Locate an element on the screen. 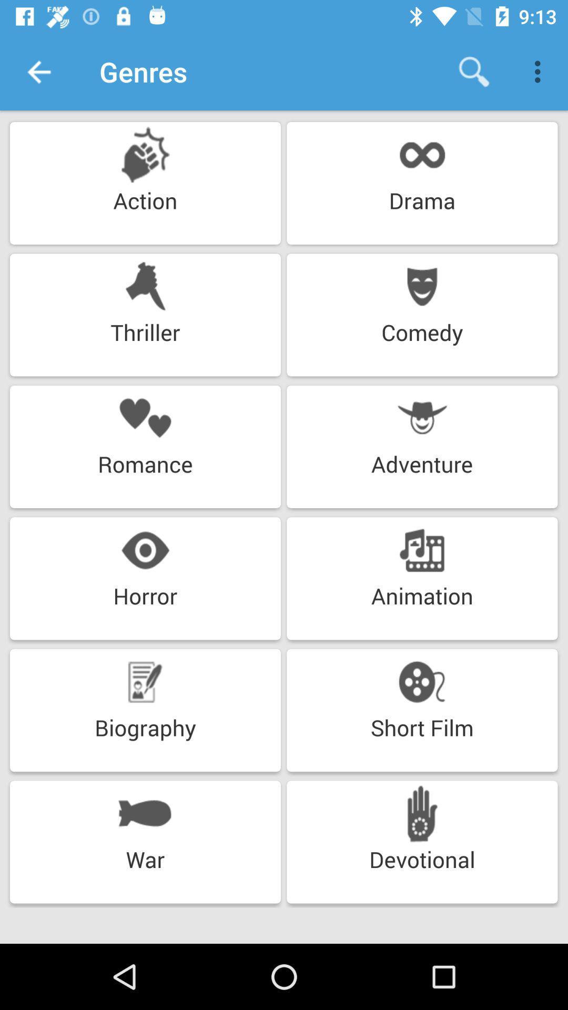 The width and height of the screenshot is (568, 1010). the icon to the left of the genres is located at coordinates (38, 71).